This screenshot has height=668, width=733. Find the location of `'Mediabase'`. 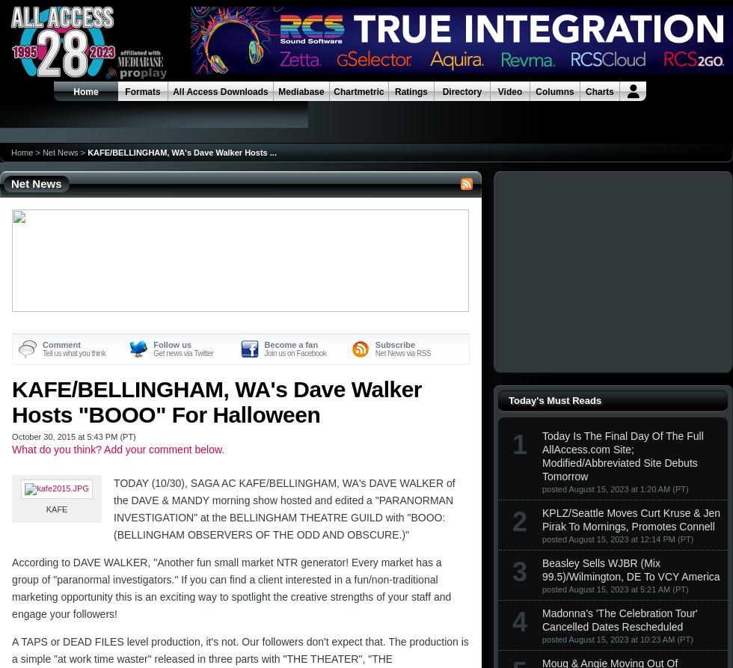

'Mediabase' is located at coordinates (301, 91).